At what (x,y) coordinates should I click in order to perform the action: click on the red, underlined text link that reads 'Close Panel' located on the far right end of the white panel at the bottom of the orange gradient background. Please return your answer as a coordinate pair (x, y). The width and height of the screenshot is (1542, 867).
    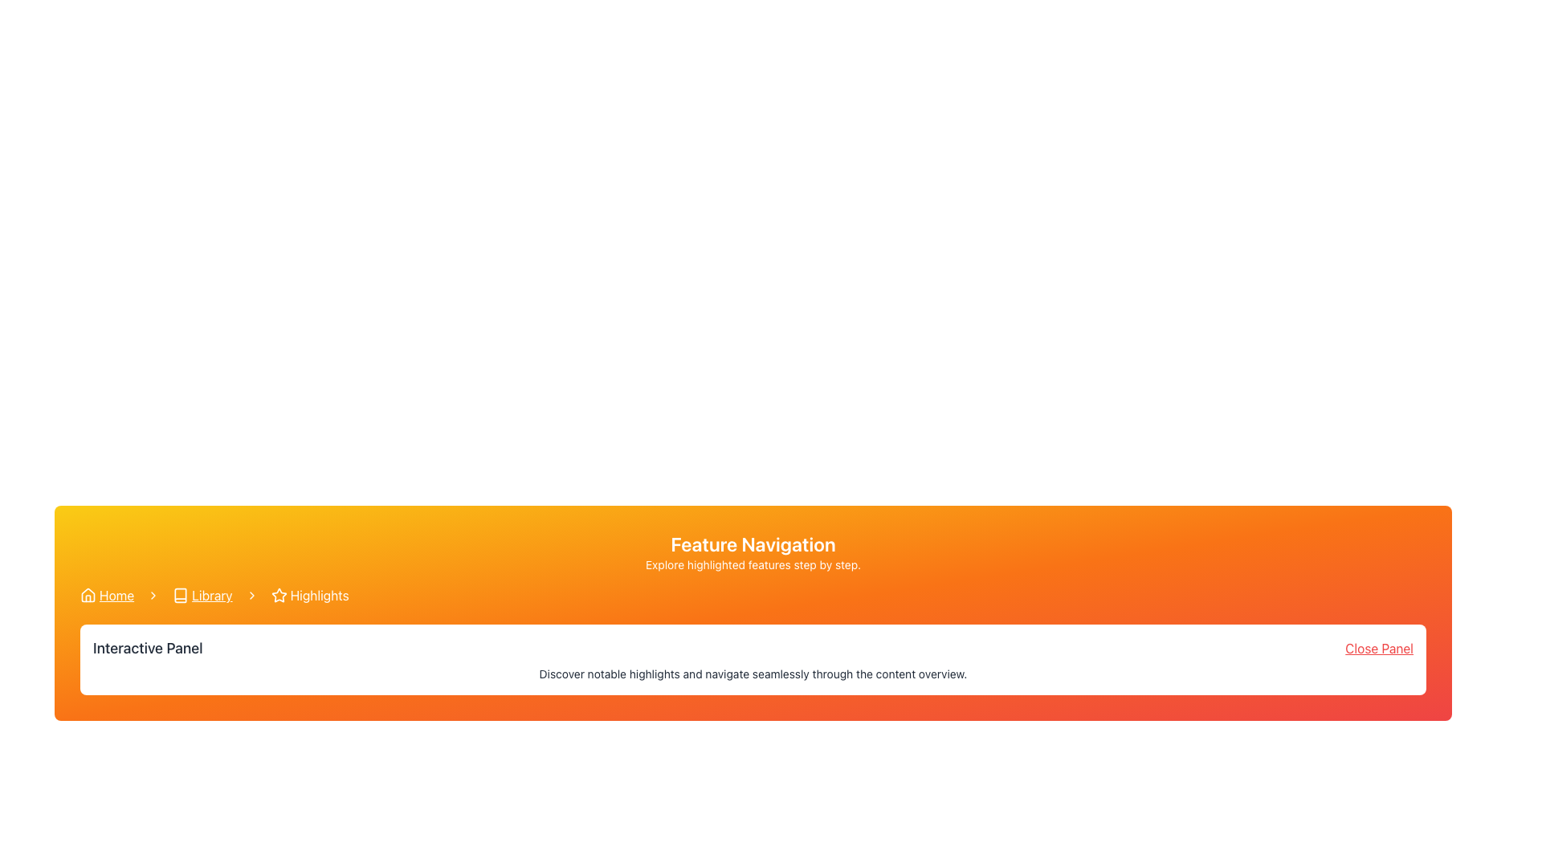
    Looking at the image, I should click on (1378, 647).